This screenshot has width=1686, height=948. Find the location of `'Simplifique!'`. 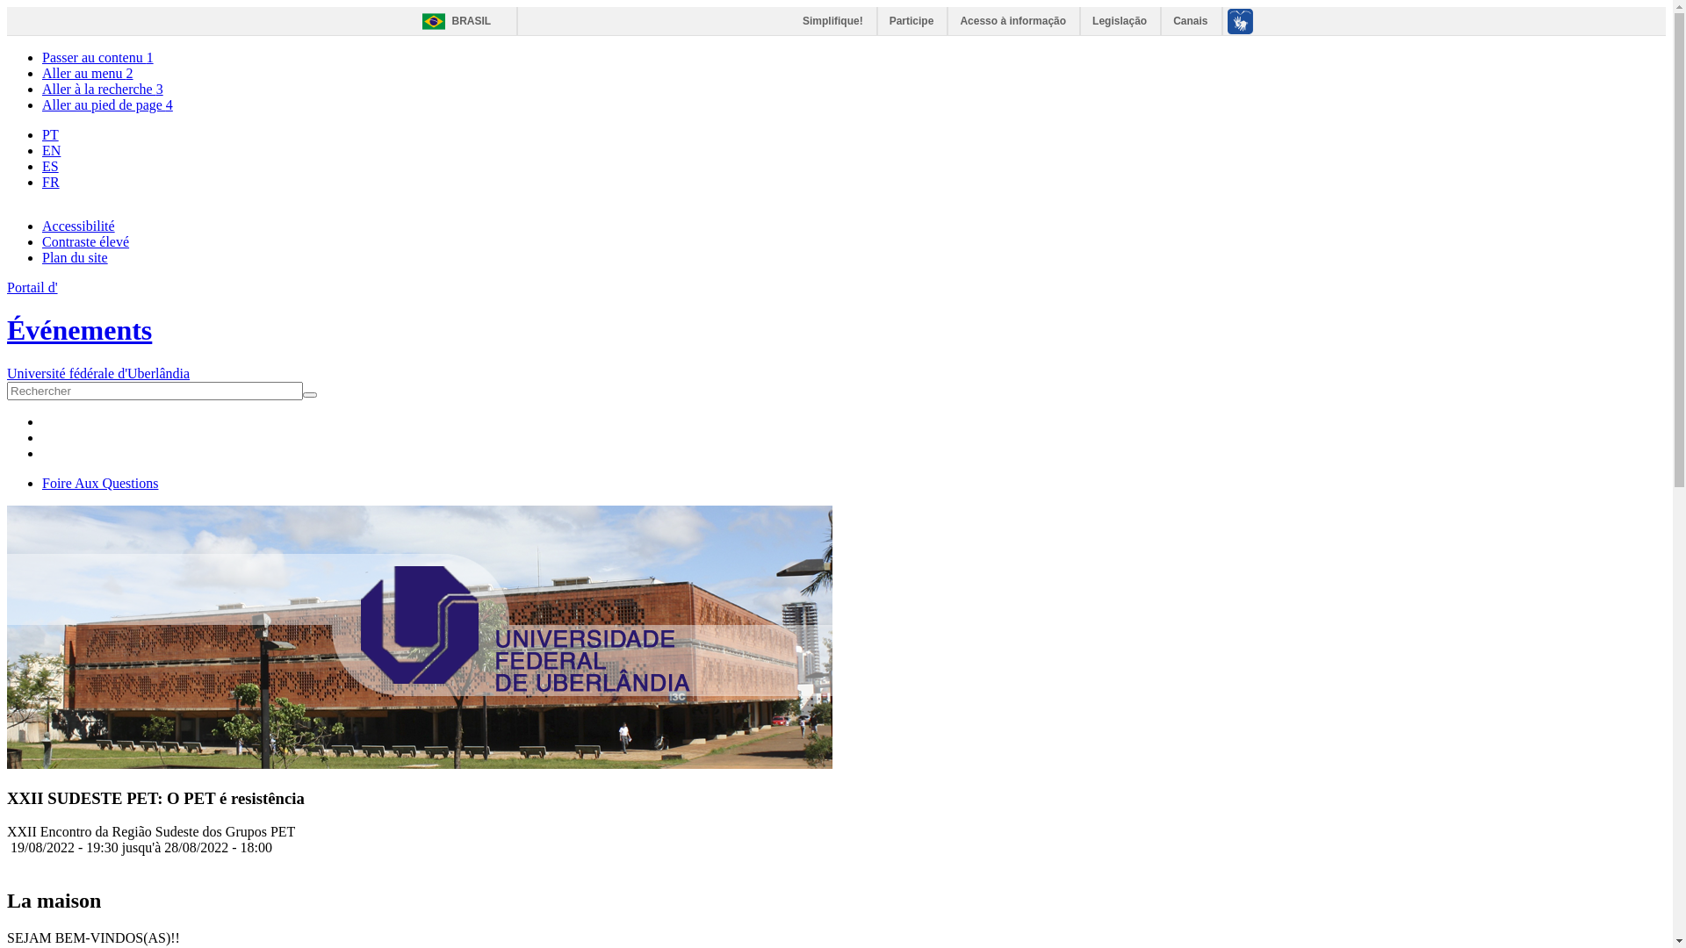

'Simplifique!' is located at coordinates (790, 20).